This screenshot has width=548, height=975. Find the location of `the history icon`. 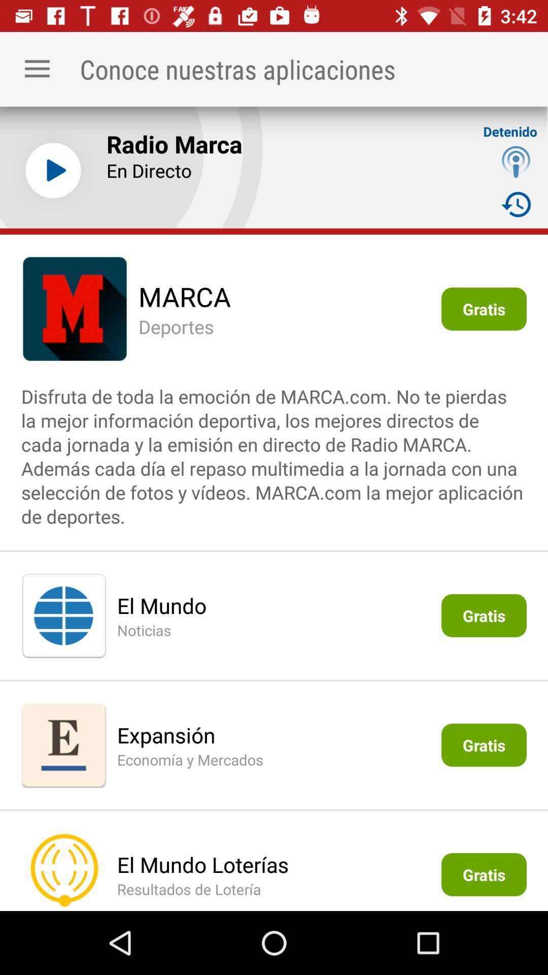

the history icon is located at coordinates (516, 204).